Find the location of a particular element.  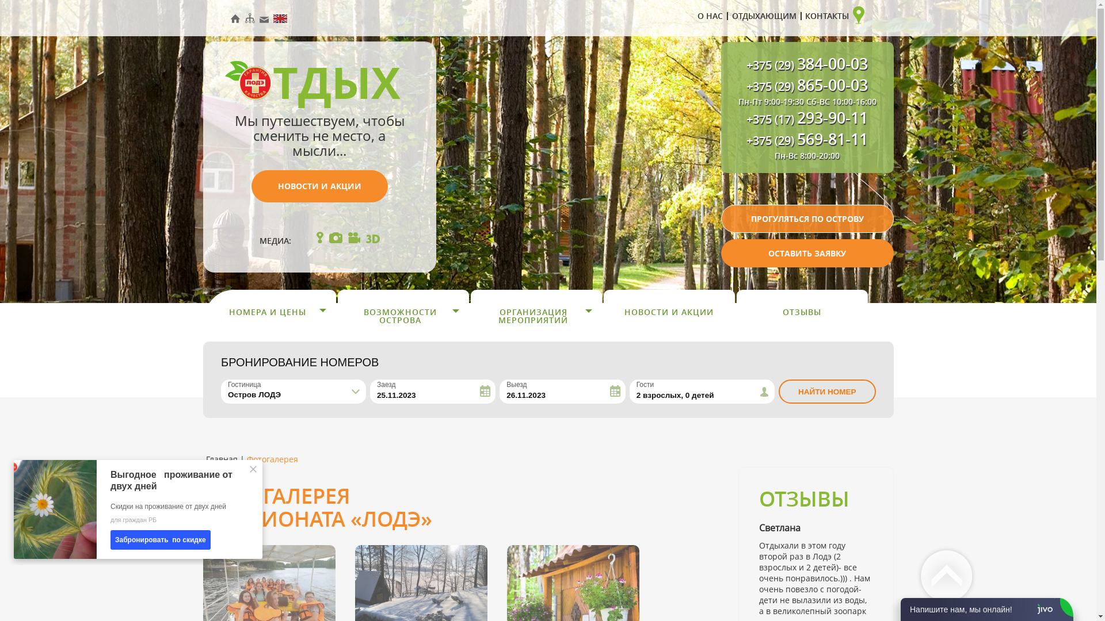

'+375 (29) 384-00-03' is located at coordinates (746, 66).